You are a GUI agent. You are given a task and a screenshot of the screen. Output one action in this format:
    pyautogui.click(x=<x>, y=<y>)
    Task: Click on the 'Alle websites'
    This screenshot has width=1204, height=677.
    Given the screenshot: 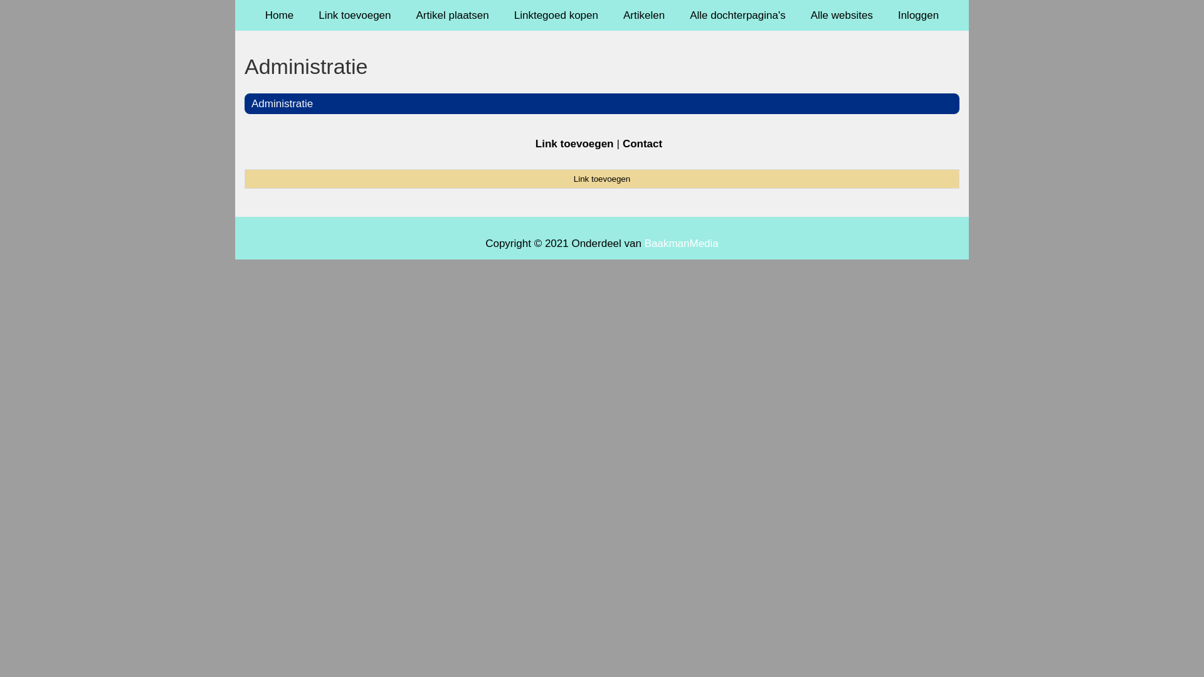 What is the action you would take?
    pyautogui.click(x=842, y=15)
    